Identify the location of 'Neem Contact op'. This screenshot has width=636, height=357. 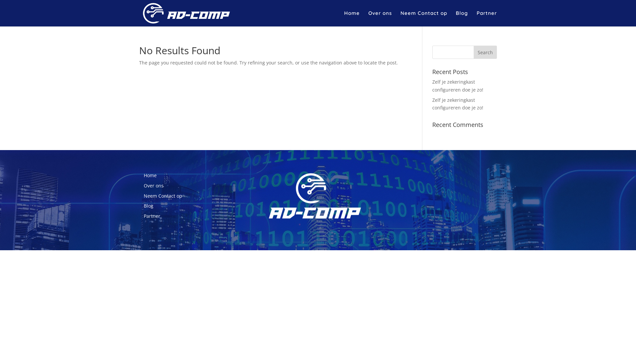
(163, 195).